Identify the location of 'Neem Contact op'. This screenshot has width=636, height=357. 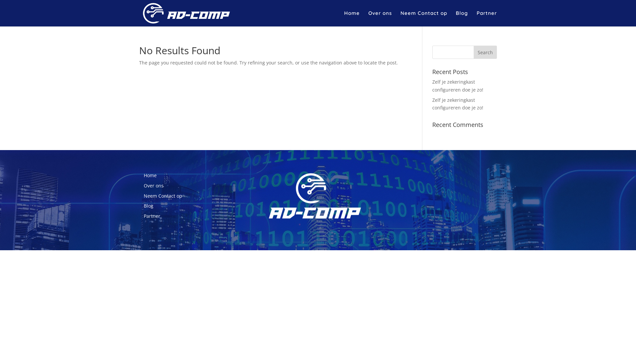
(163, 195).